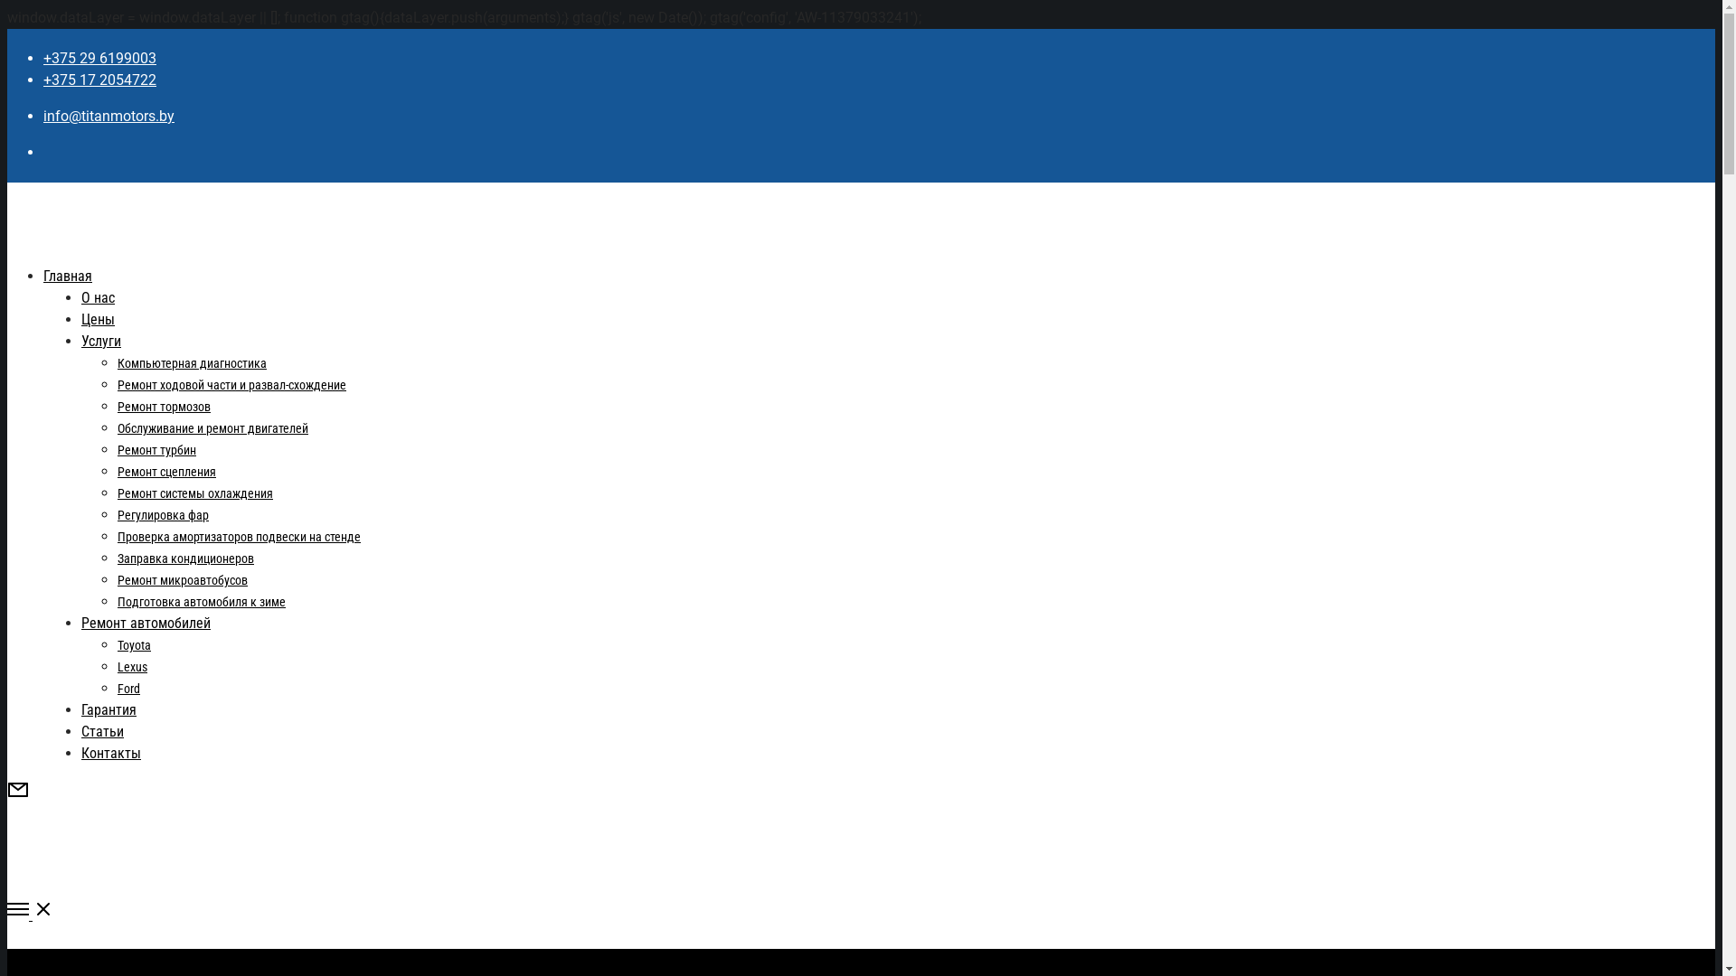 The width and height of the screenshot is (1736, 976). I want to click on 'info@titanmotors.by', so click(43, 116).